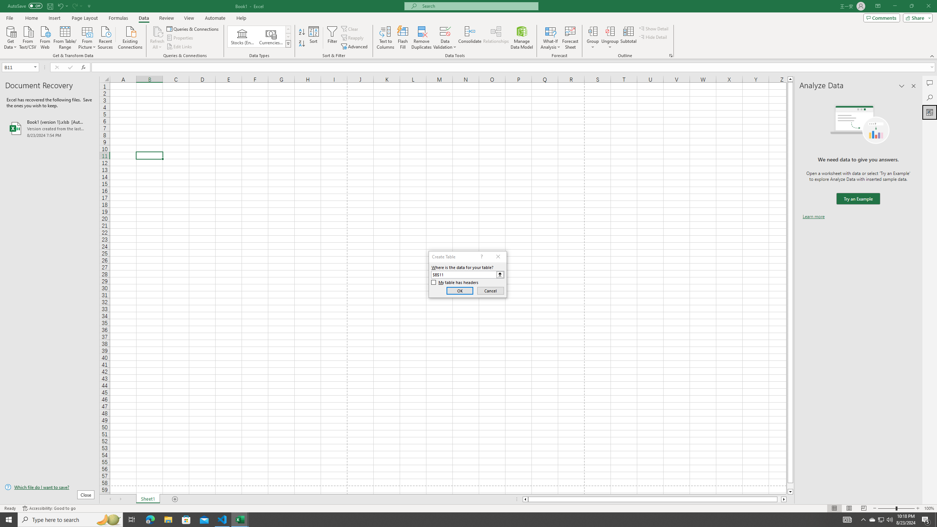  What do you see at coordinates (166, 18) in the screenshot?
I see `'Review'` at bounding box center [166, 18].